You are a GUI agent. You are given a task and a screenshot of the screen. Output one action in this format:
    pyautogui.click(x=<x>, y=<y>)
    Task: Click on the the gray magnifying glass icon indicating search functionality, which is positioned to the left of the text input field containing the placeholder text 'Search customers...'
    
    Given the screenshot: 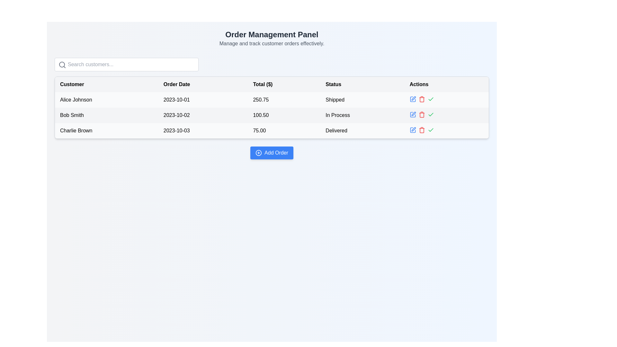 What is the action you would take?
    pyautogui.click(x=62, y=65)
    